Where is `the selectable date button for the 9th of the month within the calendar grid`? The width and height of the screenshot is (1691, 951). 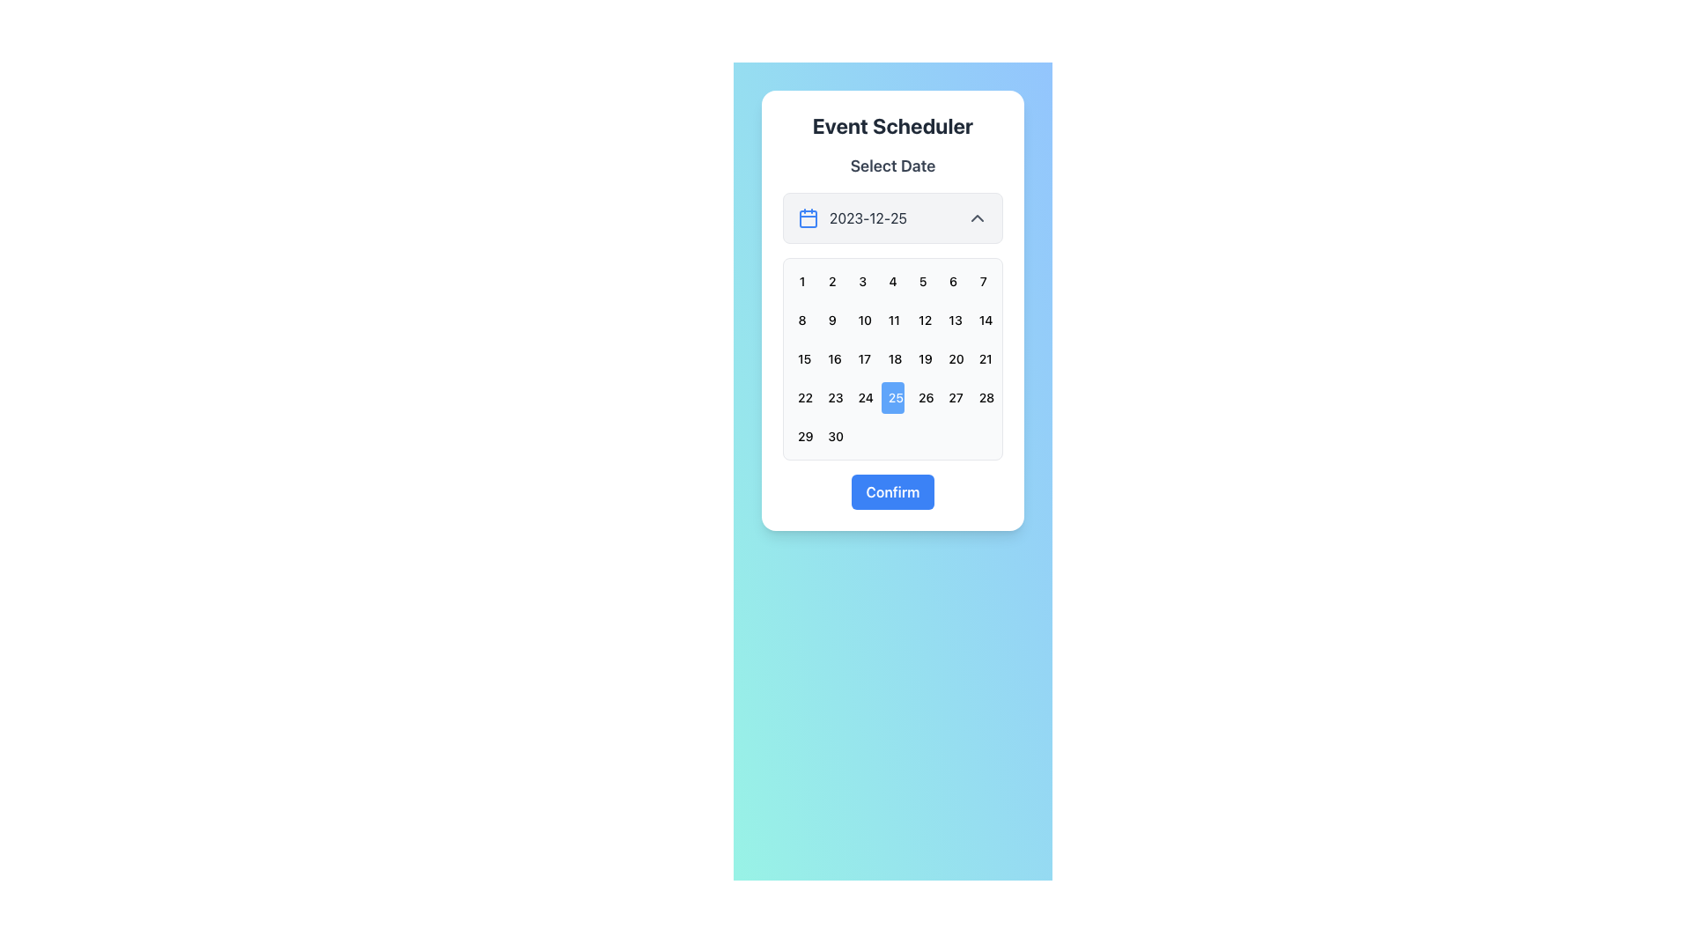
the selectable date button for the 9th of the month within the calendar grid is located at coordinates (831, 320).